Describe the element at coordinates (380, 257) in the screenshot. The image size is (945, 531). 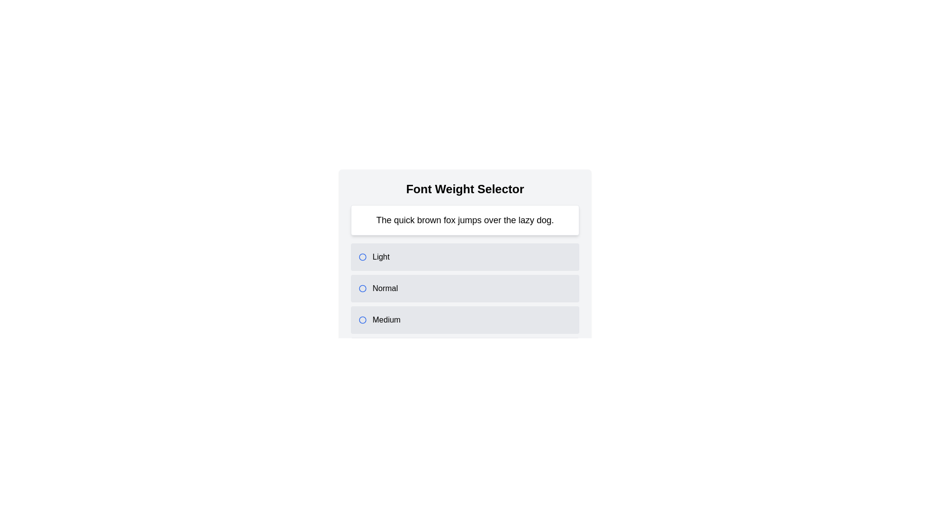
I see `the selection state of the 'Light' label, which is the first option in the Font Weight Selector dialog, positioned below the example text and to the right of a blue circular icon` at that location.